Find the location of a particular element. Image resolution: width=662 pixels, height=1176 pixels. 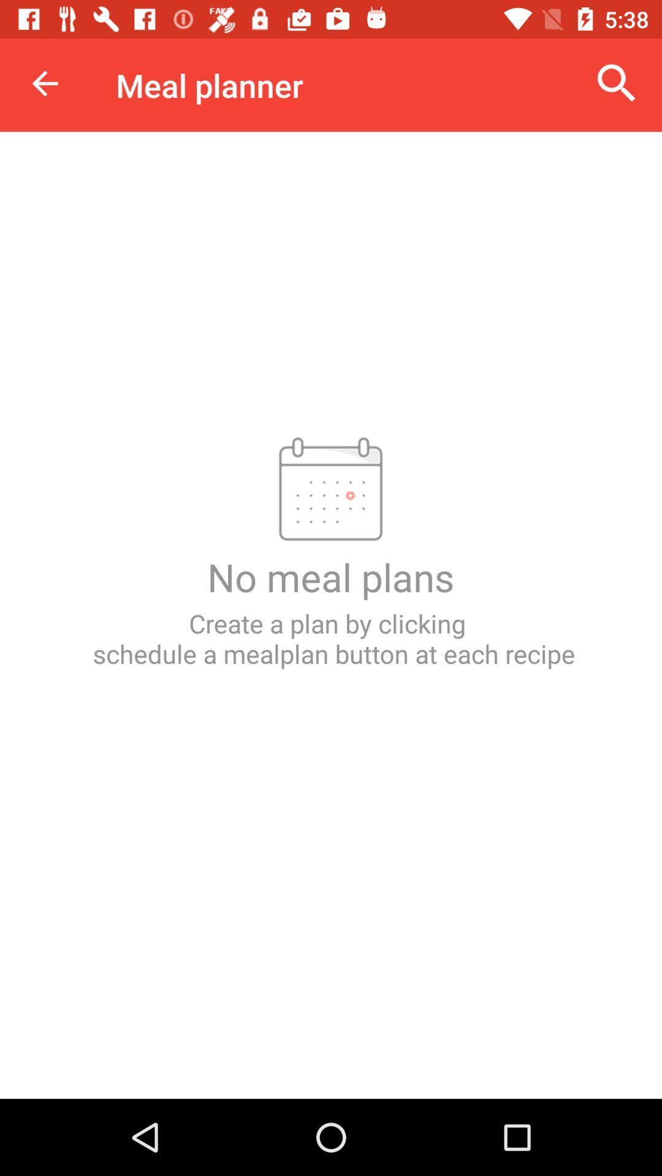

icon next to meal planner is located at coordinates (44, 83).